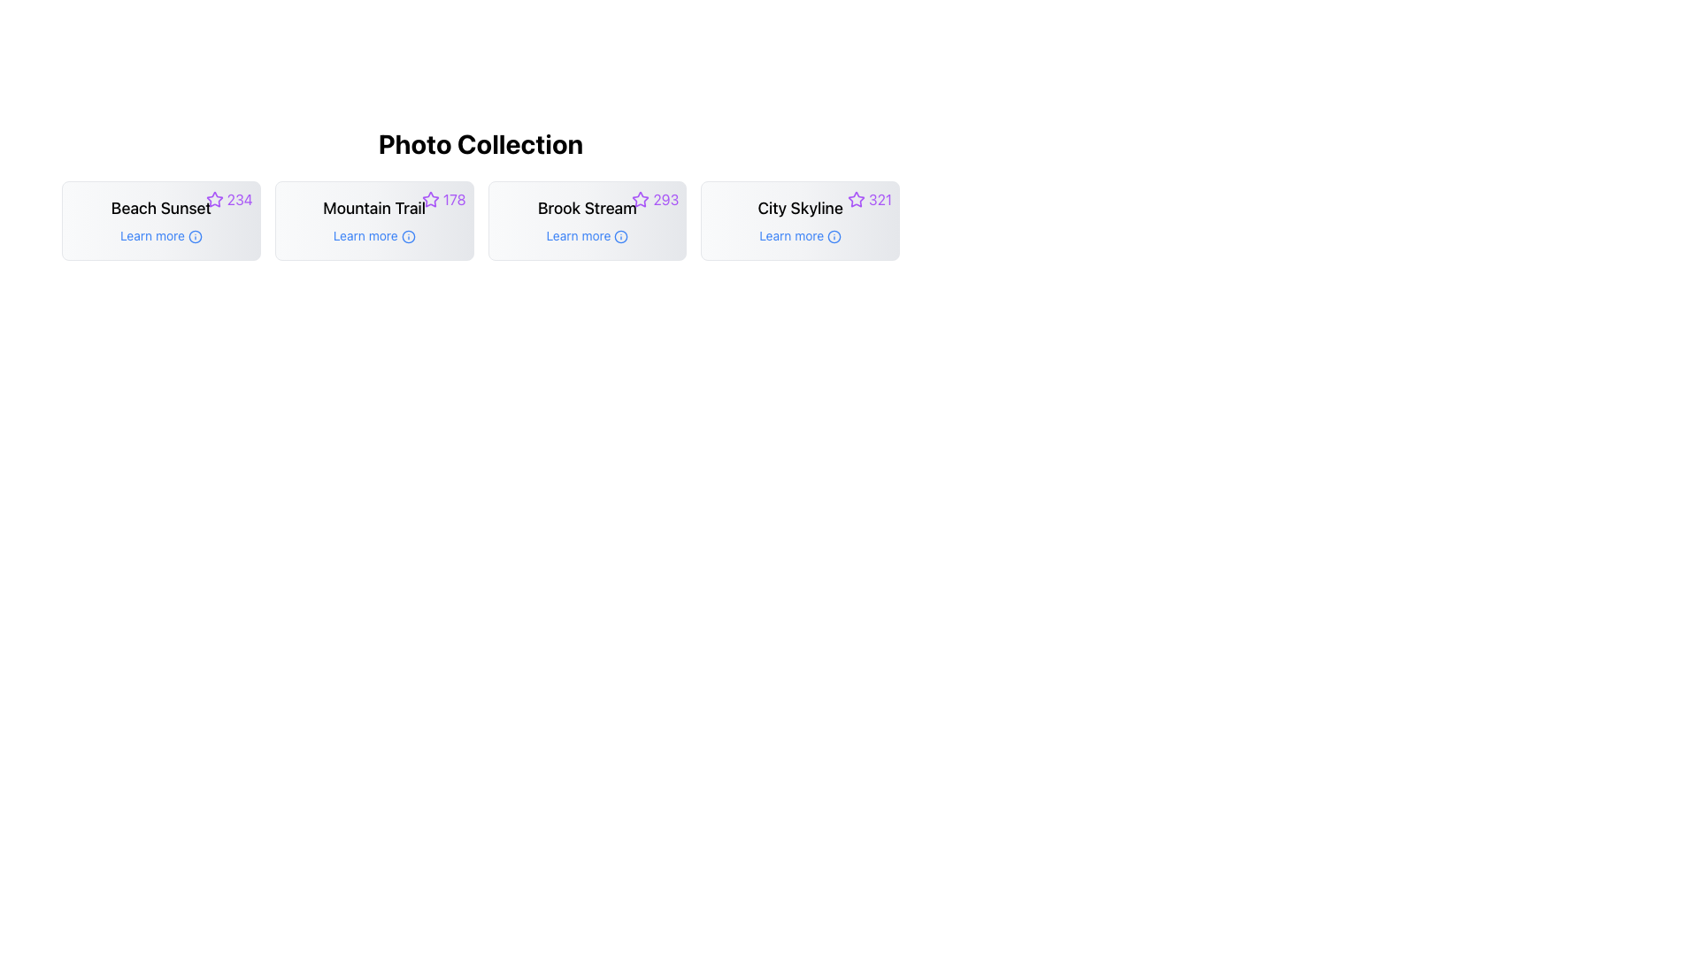 This screenshot has height=955, width=1699. I want to click on the star icon that represents the rating for the item labeled 'Beach Sunset' located in the top left corner of the grid, so click(213, 199).